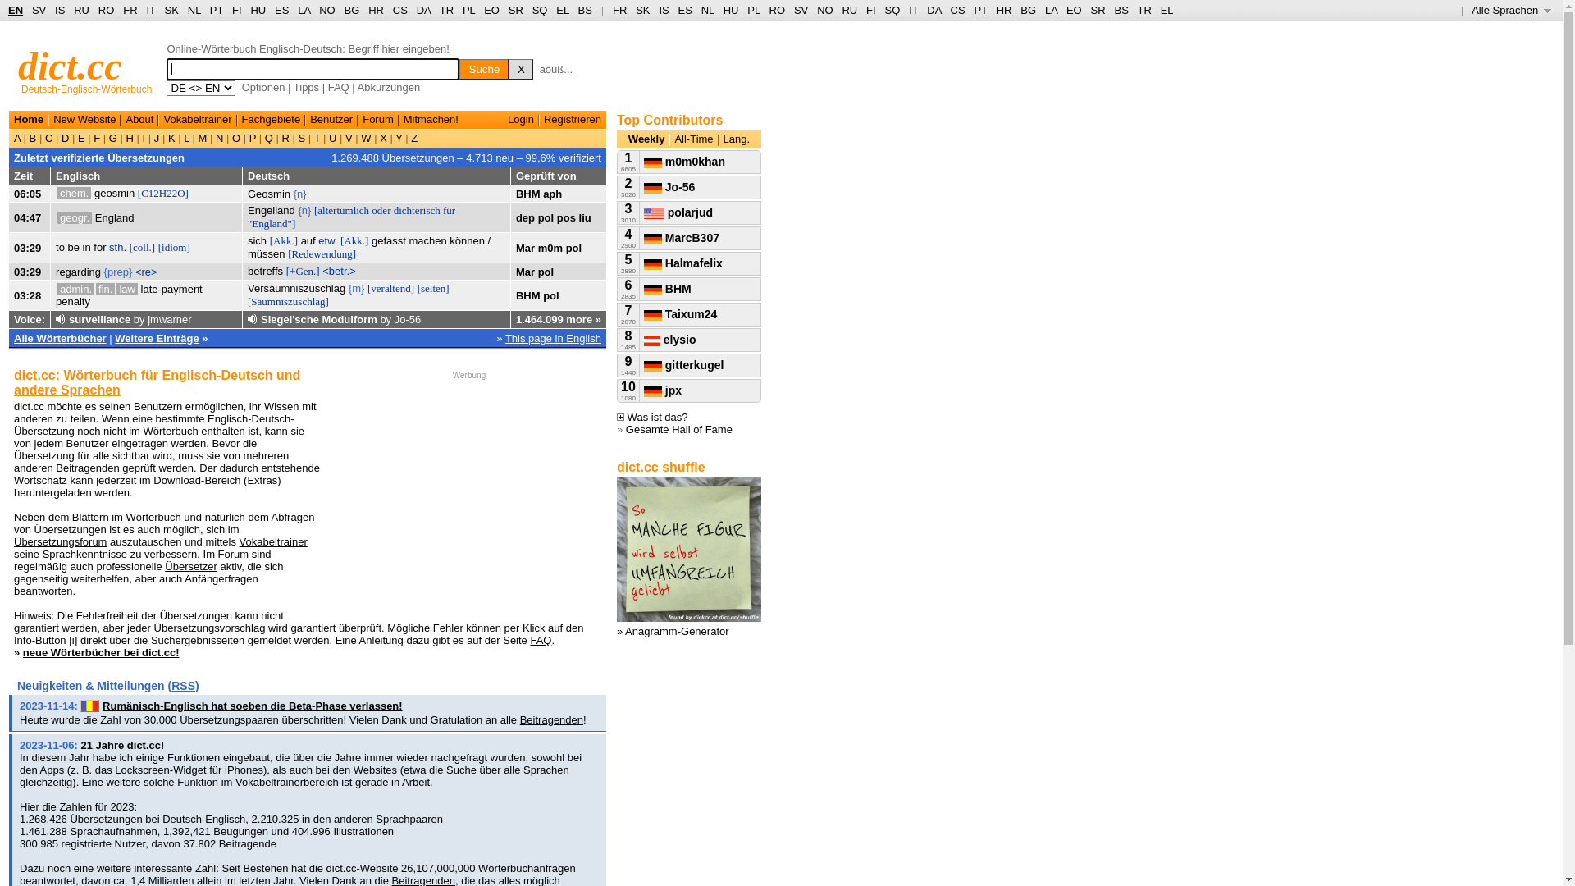 This screenshot has width=1575, height=886. What do you see at coordinates (934, 10) in the screenshot?
I see `'DA'` at bounding box center [934, 10].